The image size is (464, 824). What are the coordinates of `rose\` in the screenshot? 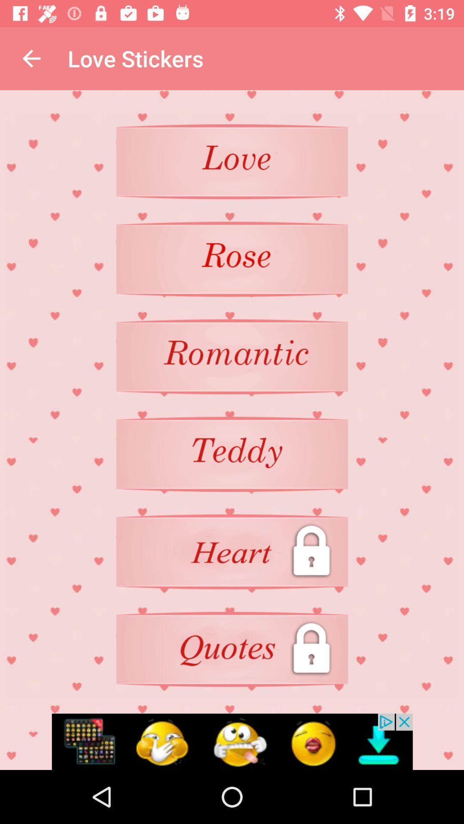 It's located at (232, 259).